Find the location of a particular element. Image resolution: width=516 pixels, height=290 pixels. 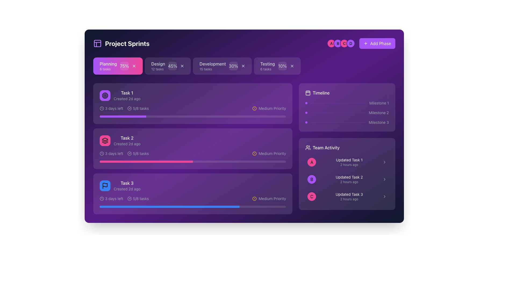

the first task card element that provides a title and a creation timestamp, positioned in the middle-left part of the interface, above 'Task 2' and below the Planning progress indicator is located at coordinates (127, 95).